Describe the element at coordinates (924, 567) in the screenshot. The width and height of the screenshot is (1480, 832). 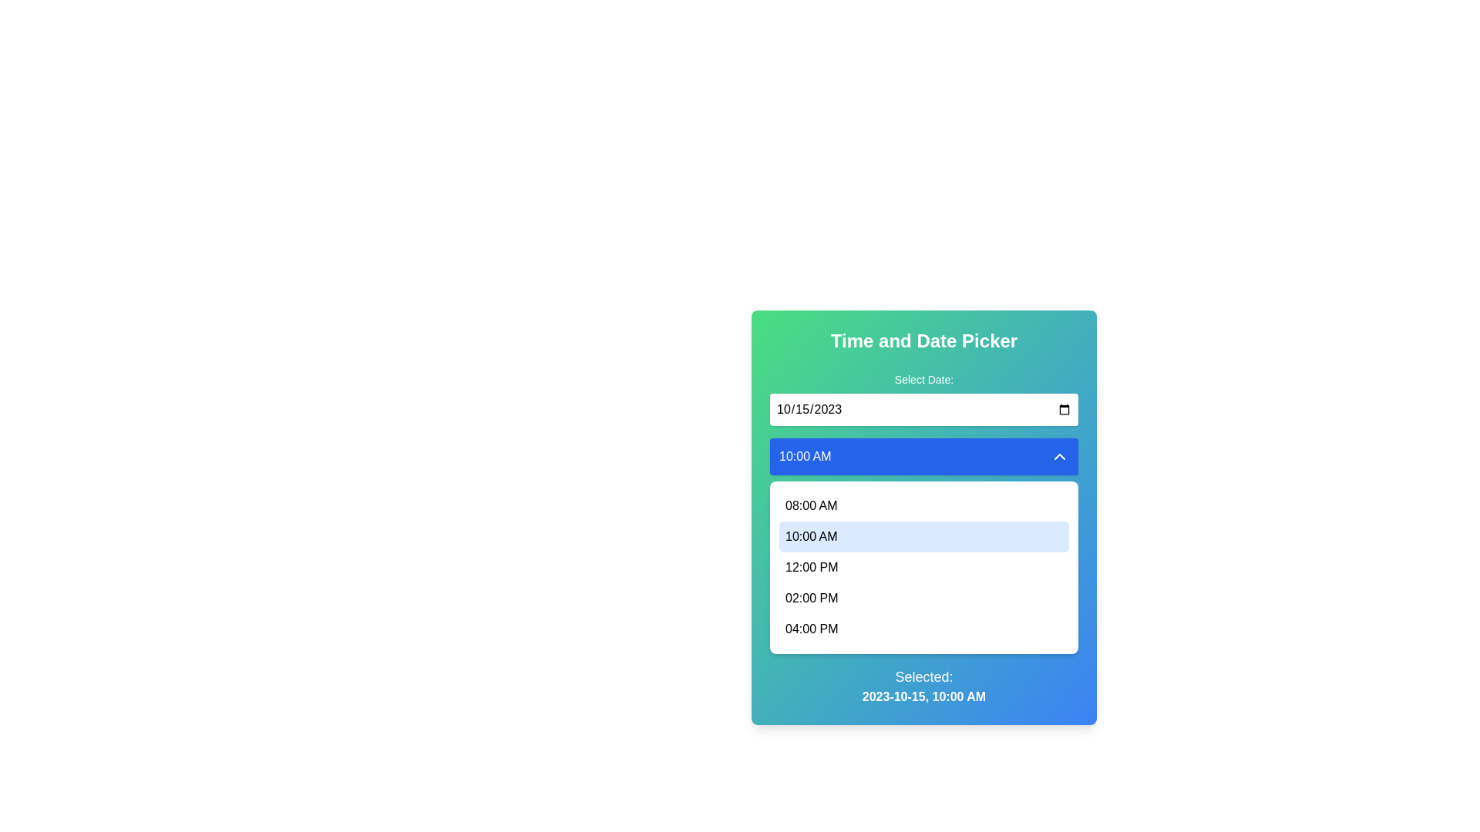
I see `the third item in the dropdown list` at that location.